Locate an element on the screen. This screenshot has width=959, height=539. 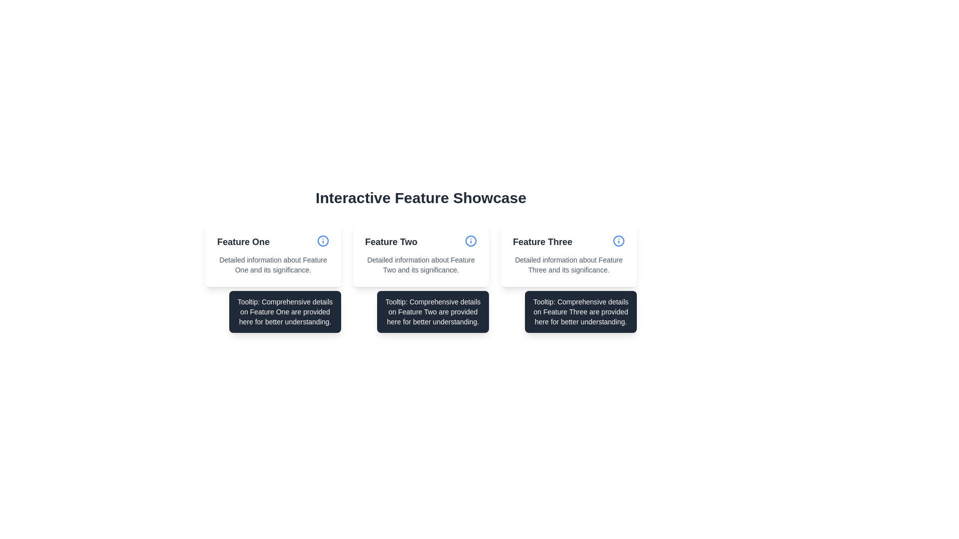
textual content of the informational card about 'Feature Two', which is the middle card in the grid layout under the 'Interactive Feature Showcase' header is located at coordinates (421, 254).